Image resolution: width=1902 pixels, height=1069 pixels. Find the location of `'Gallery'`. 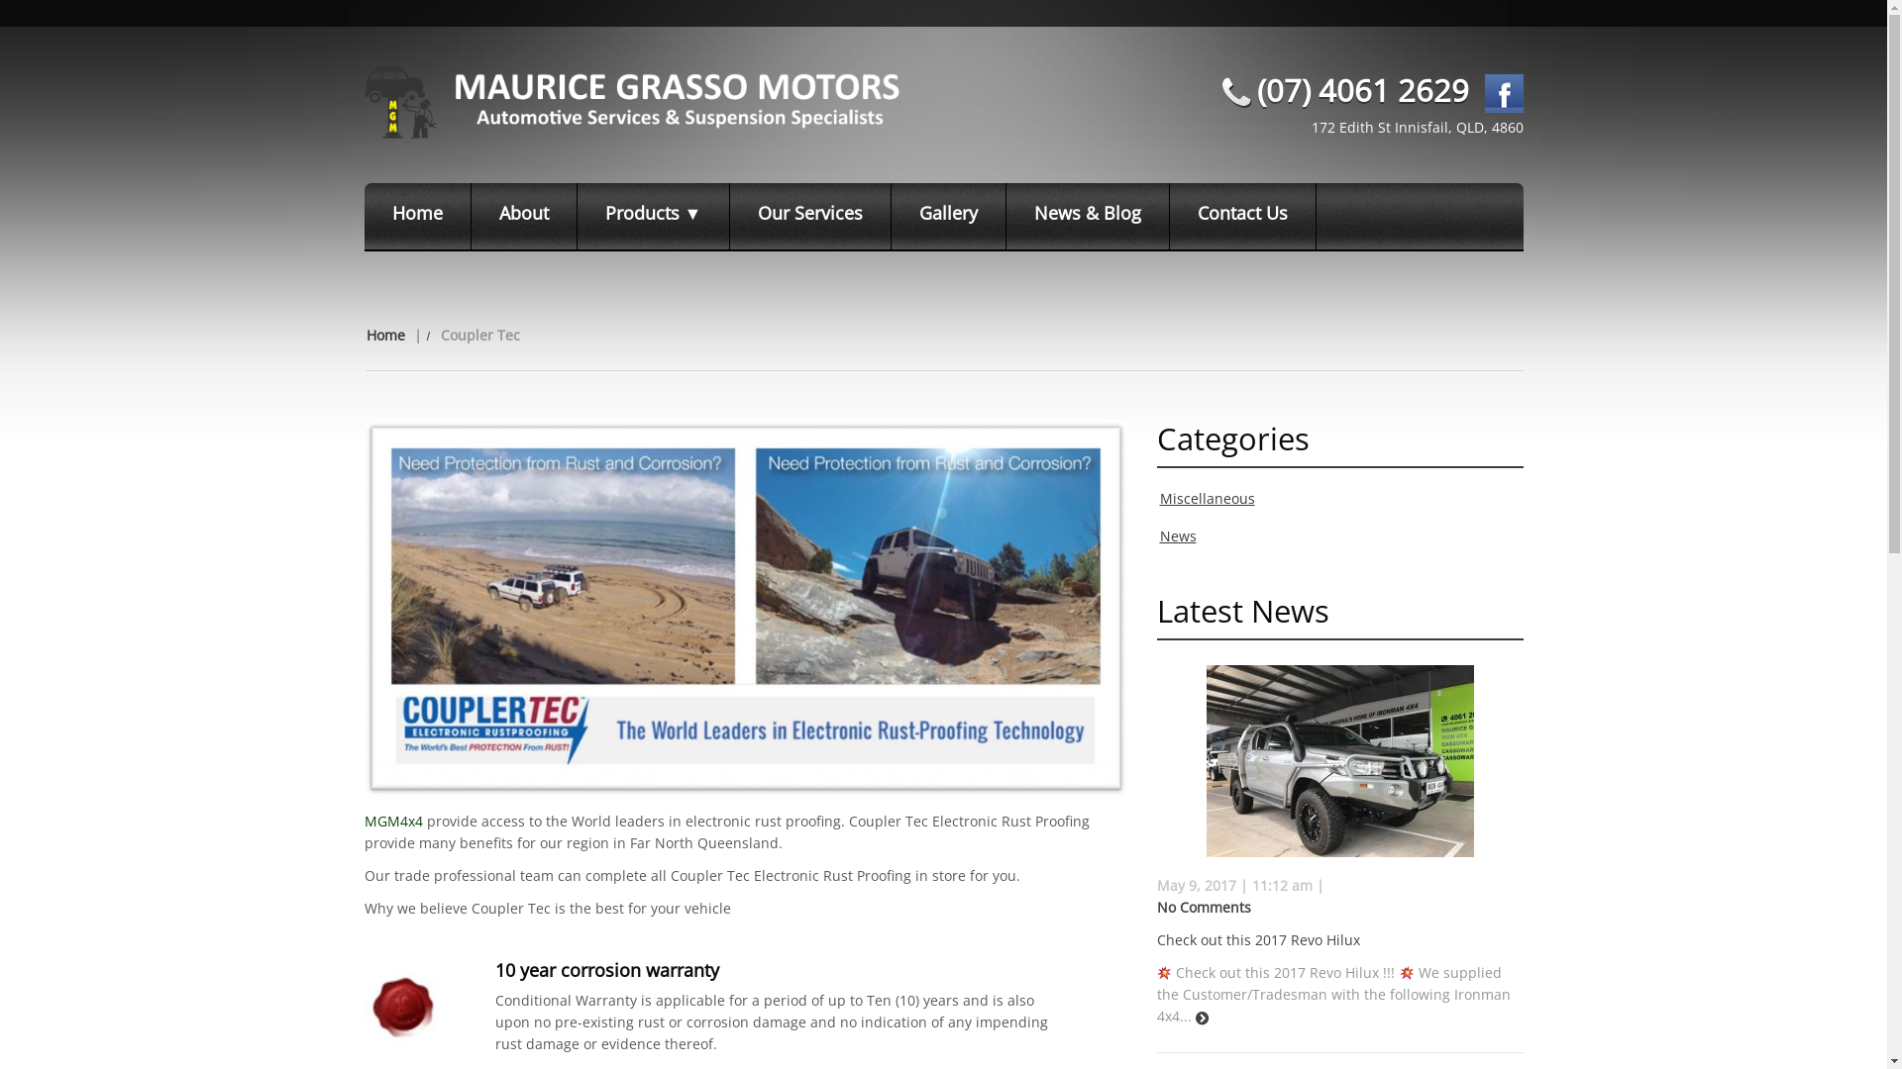

'Gallery' is located at coordinates (948, 216).